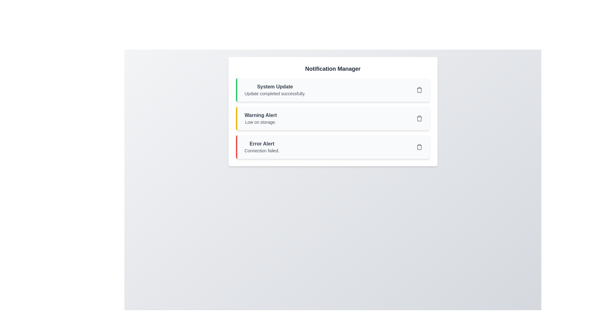 The image size is (597, 335). What do you see at coordinates (262, 147) in the screenshot?
I see `error message displayed as 'Connection failed.' in the Static text titled 'Error Alert' located in the Notification Manager section` at bounding box center [262, 147].